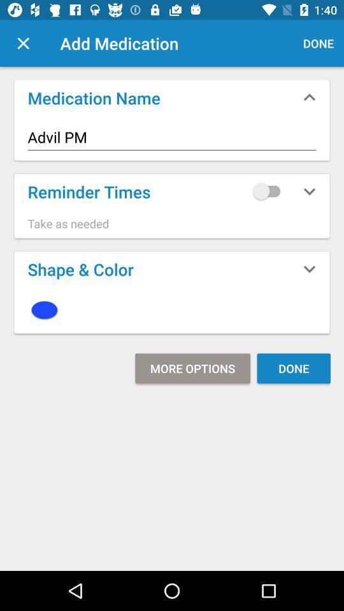 The image size is (344, 611). I want to click on icon to the left of the add medication item, so click(23, 43).